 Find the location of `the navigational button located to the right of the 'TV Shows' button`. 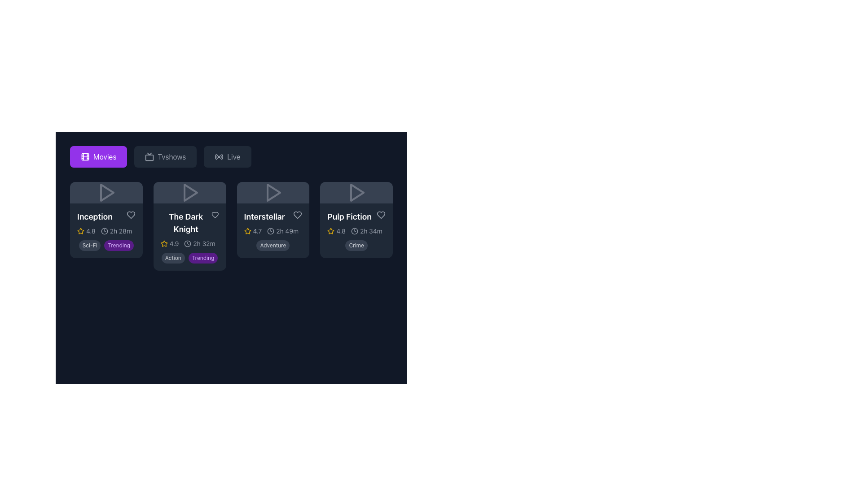

the navigational button located to the right of the 'TV Shows' button is located at coordinates (227, 156).